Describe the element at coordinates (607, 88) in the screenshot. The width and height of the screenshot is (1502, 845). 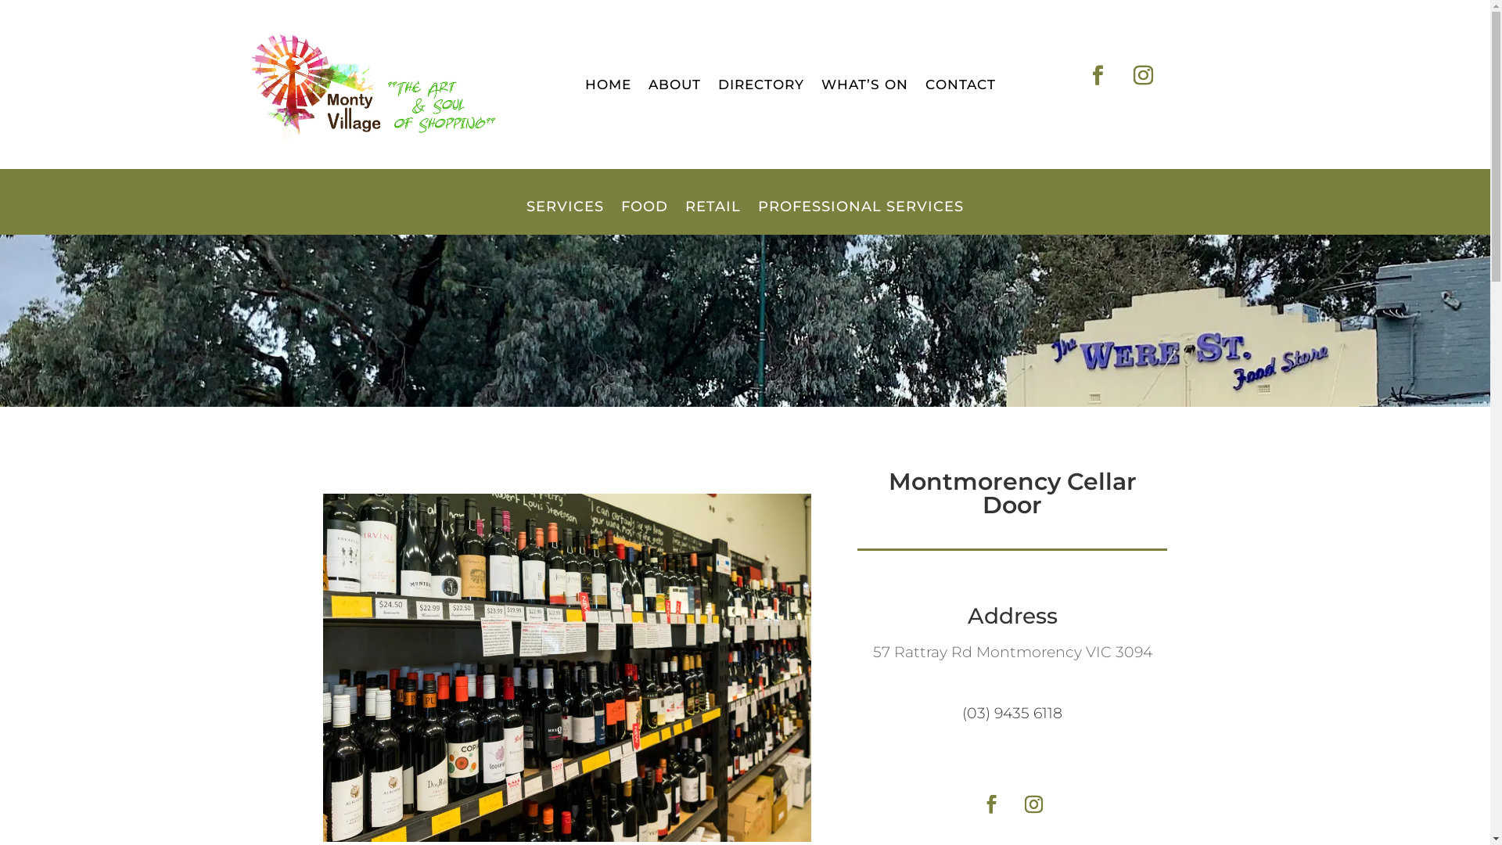
I see `'HOME'` at that location.